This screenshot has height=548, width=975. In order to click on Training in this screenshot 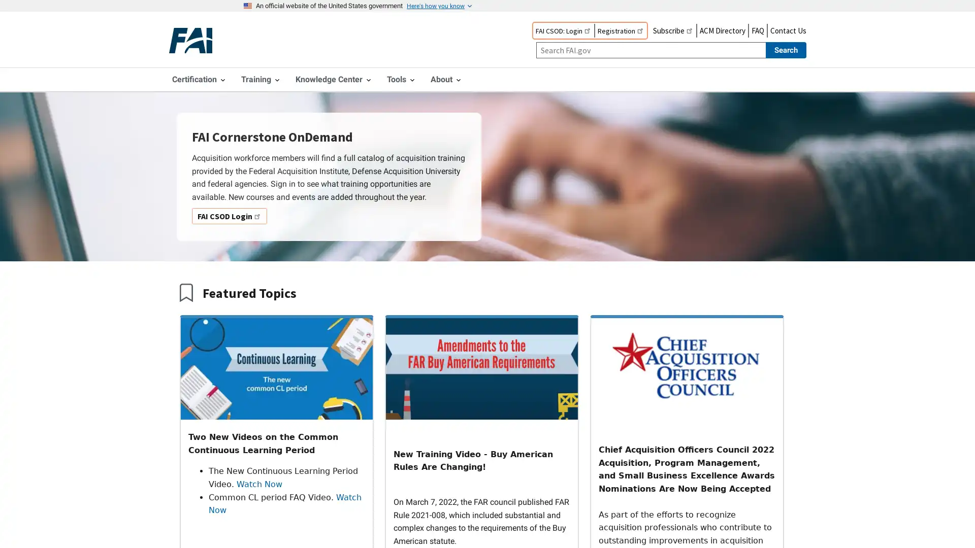, I will do `click(259, 79)`.